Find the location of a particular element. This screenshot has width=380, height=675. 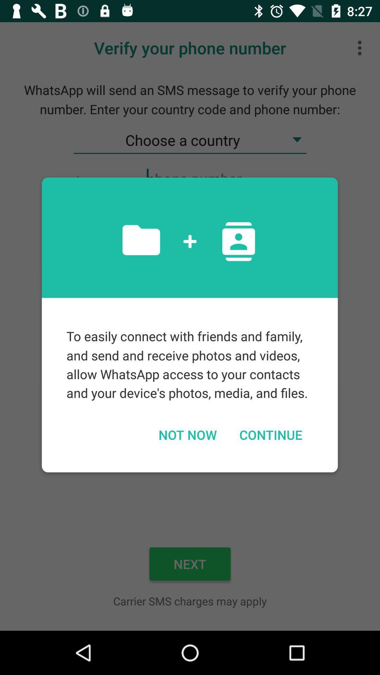

continue on the right is located at coordinates (270, 434).